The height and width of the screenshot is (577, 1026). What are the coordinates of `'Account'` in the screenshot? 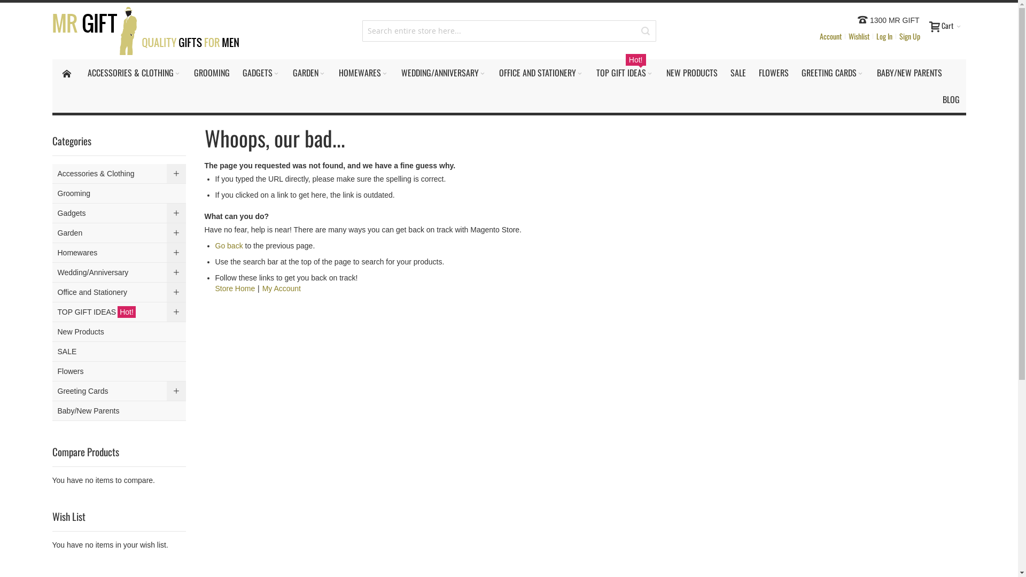 It's located at (829, 36).